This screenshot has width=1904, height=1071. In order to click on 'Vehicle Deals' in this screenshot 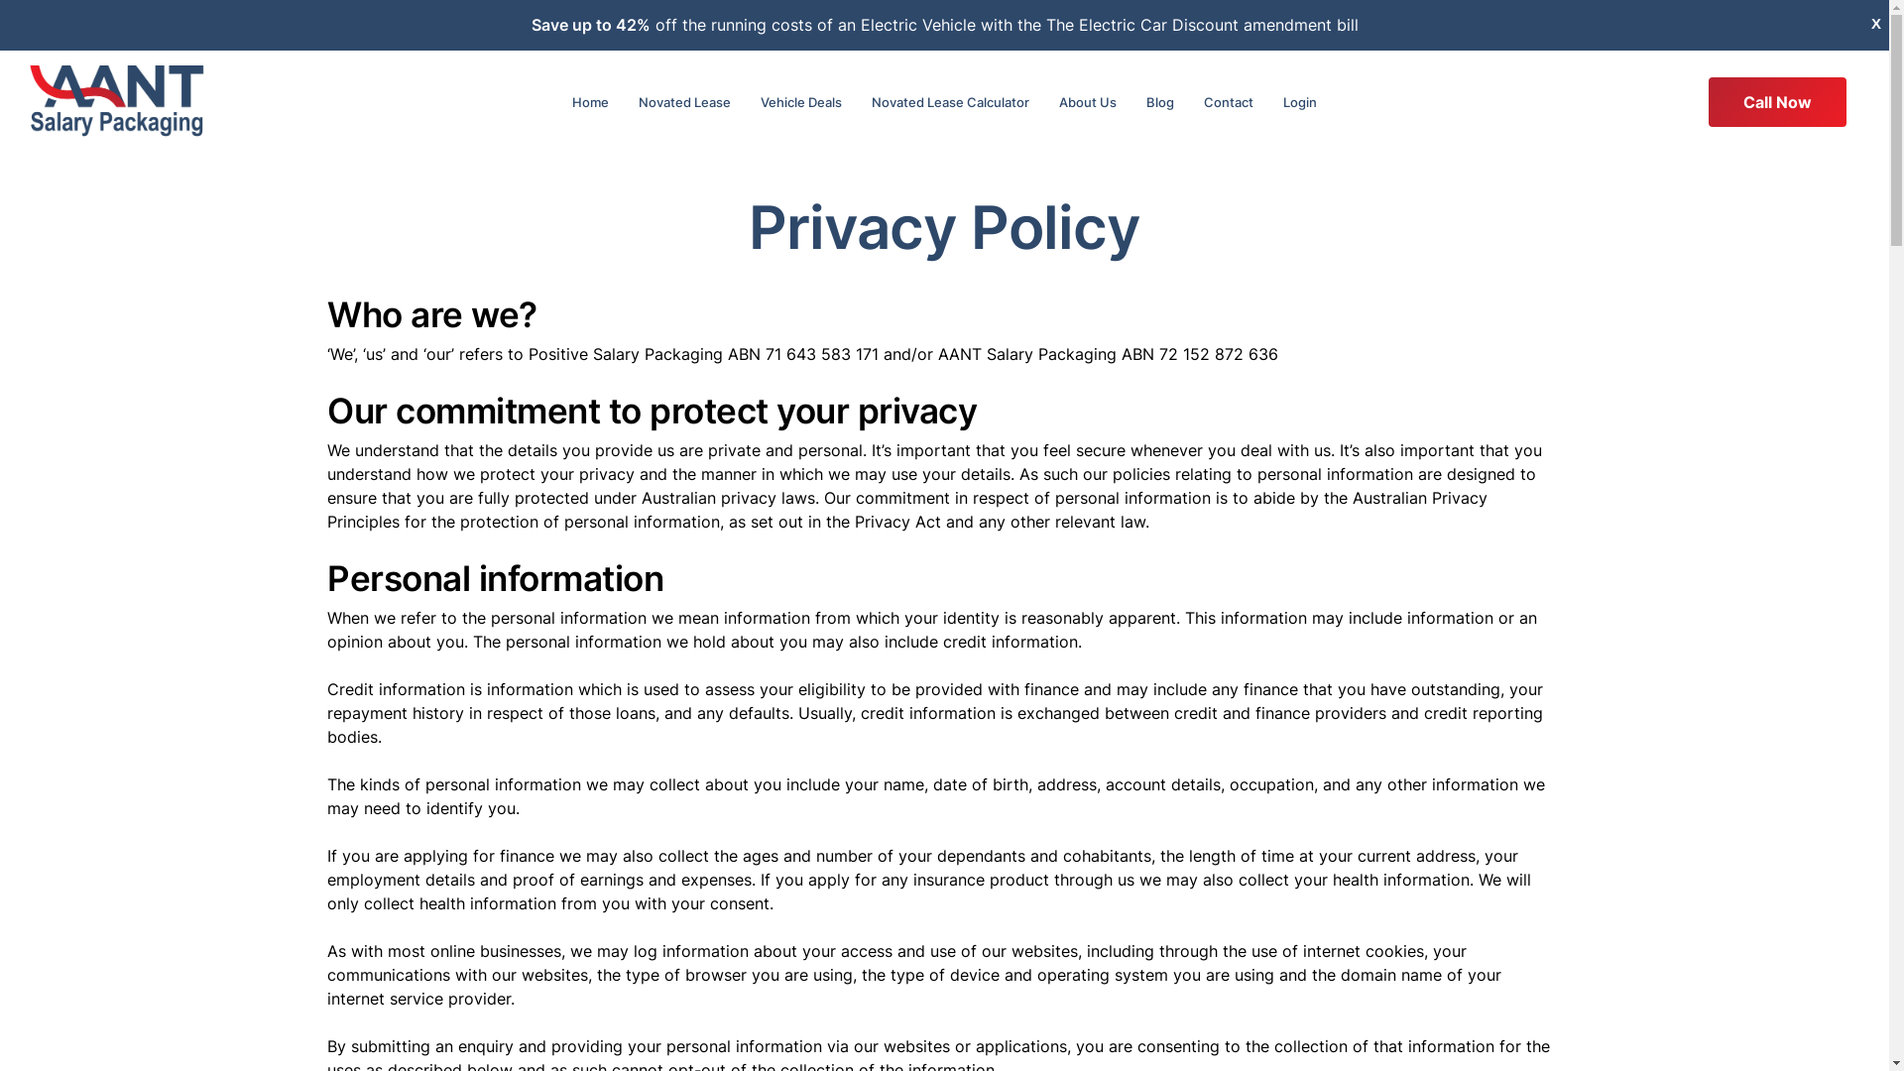, I will do `click(800, 102)`.